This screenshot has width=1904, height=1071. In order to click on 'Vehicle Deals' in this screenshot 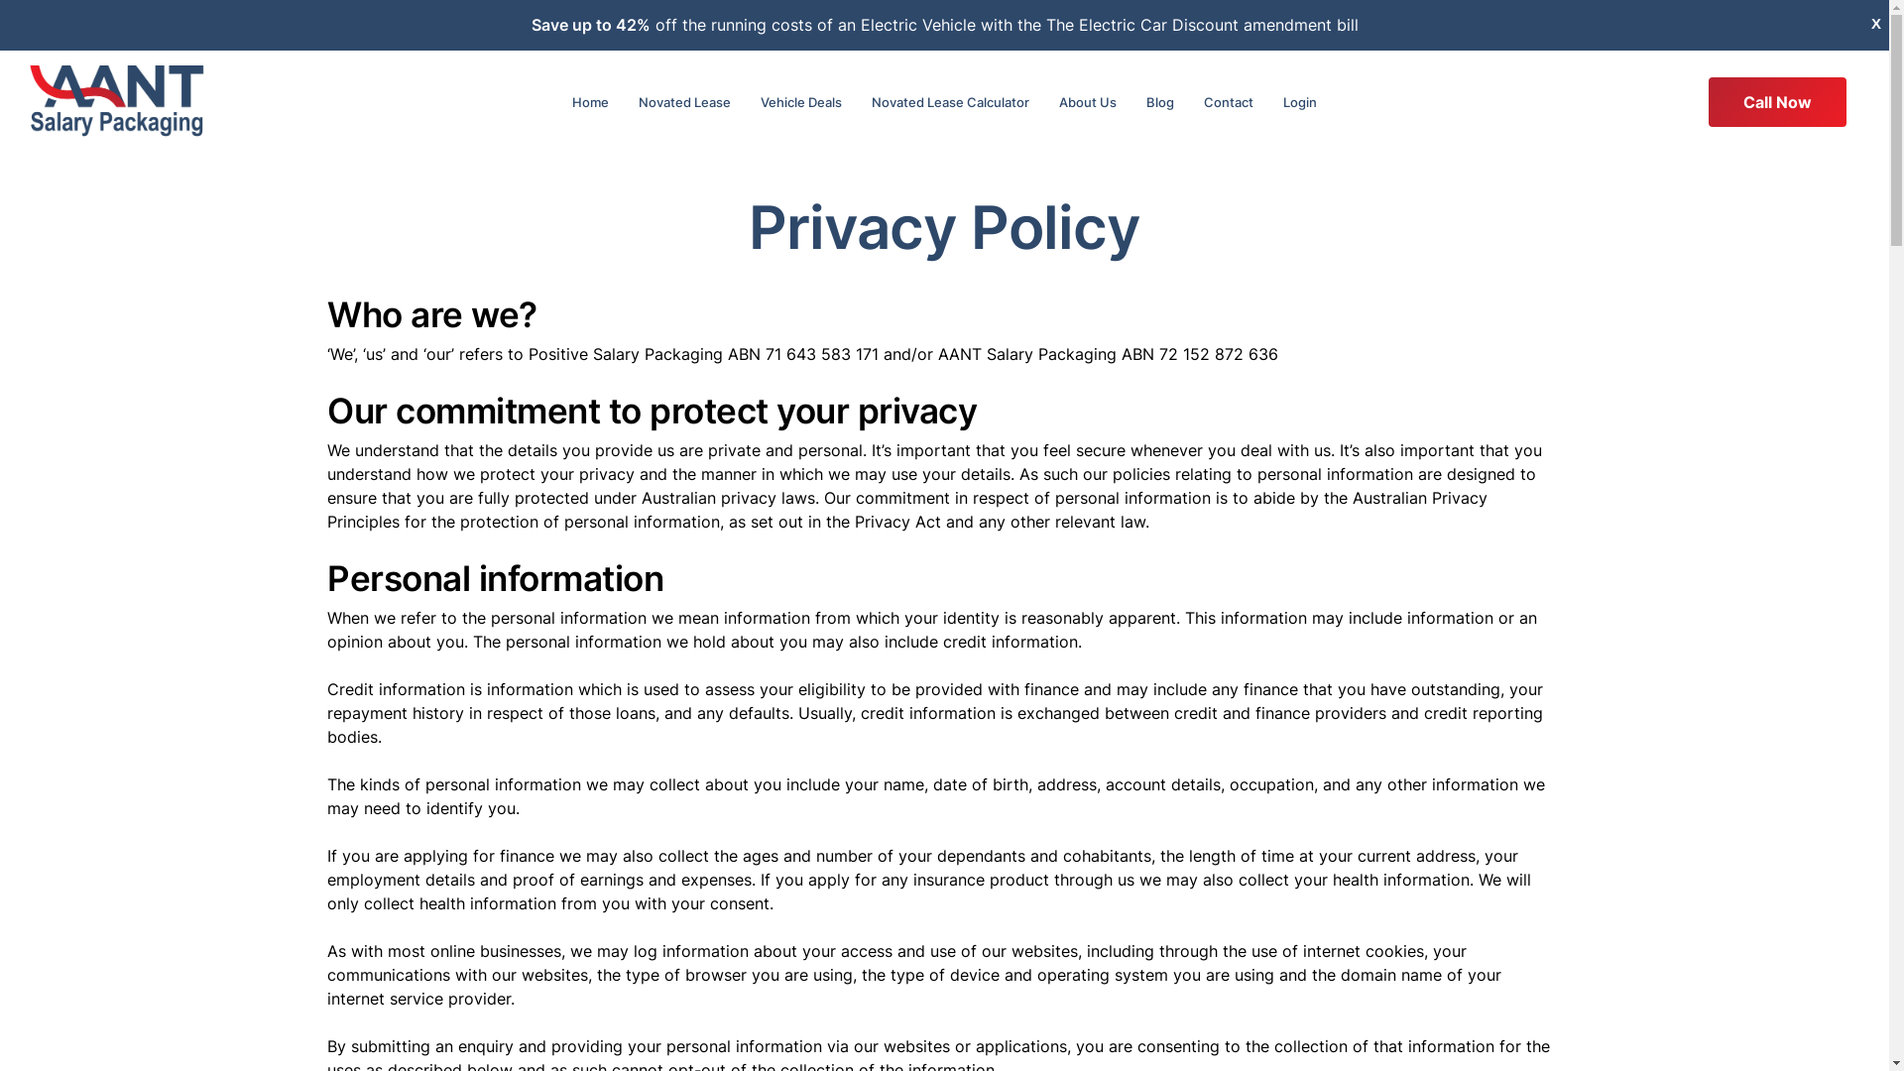, I will do `click(800, 102)`.